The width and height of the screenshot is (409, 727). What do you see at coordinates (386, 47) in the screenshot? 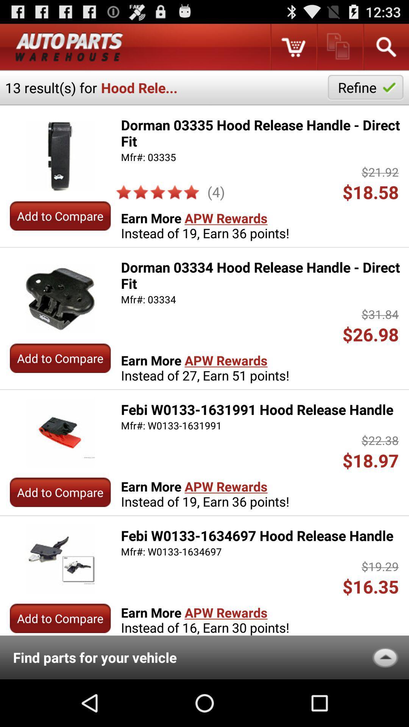
I see `search an item` at bounding box center [386, 47].